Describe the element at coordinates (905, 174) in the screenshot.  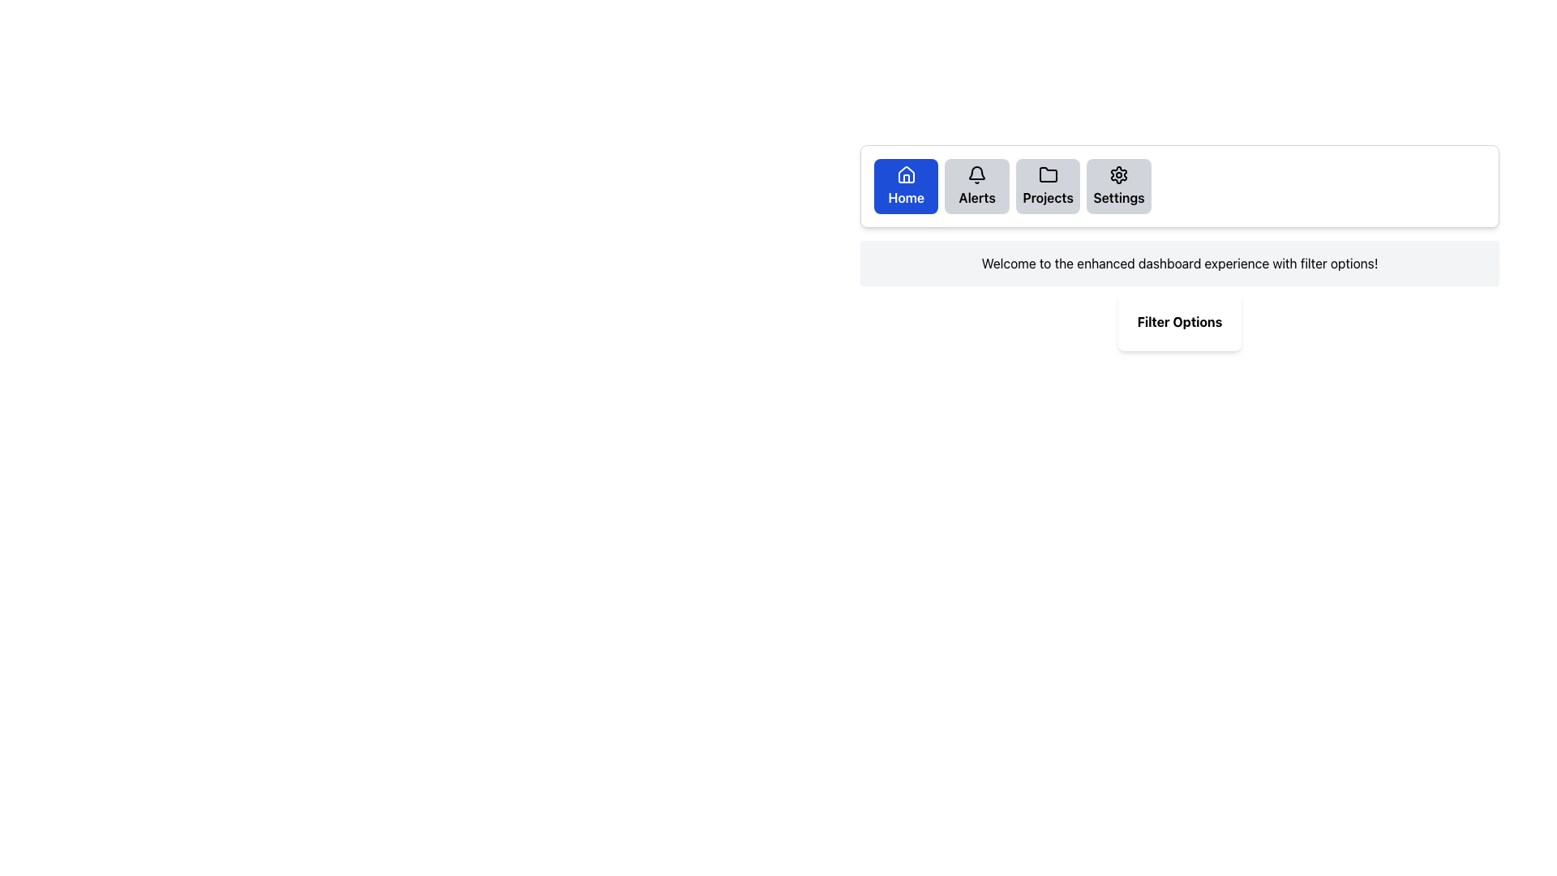
I see `the house icon in the top-left portion of the navigation bar, which is part of the 'Home' button` at that location.